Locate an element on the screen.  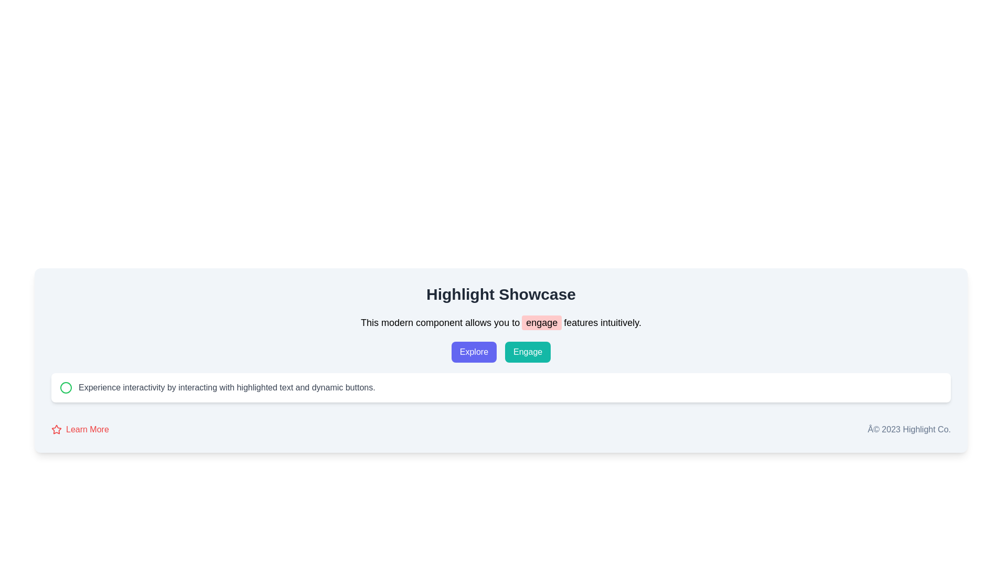
the red 'Learn More' hyperlink with a star icon is located at coordinates (79, 430).